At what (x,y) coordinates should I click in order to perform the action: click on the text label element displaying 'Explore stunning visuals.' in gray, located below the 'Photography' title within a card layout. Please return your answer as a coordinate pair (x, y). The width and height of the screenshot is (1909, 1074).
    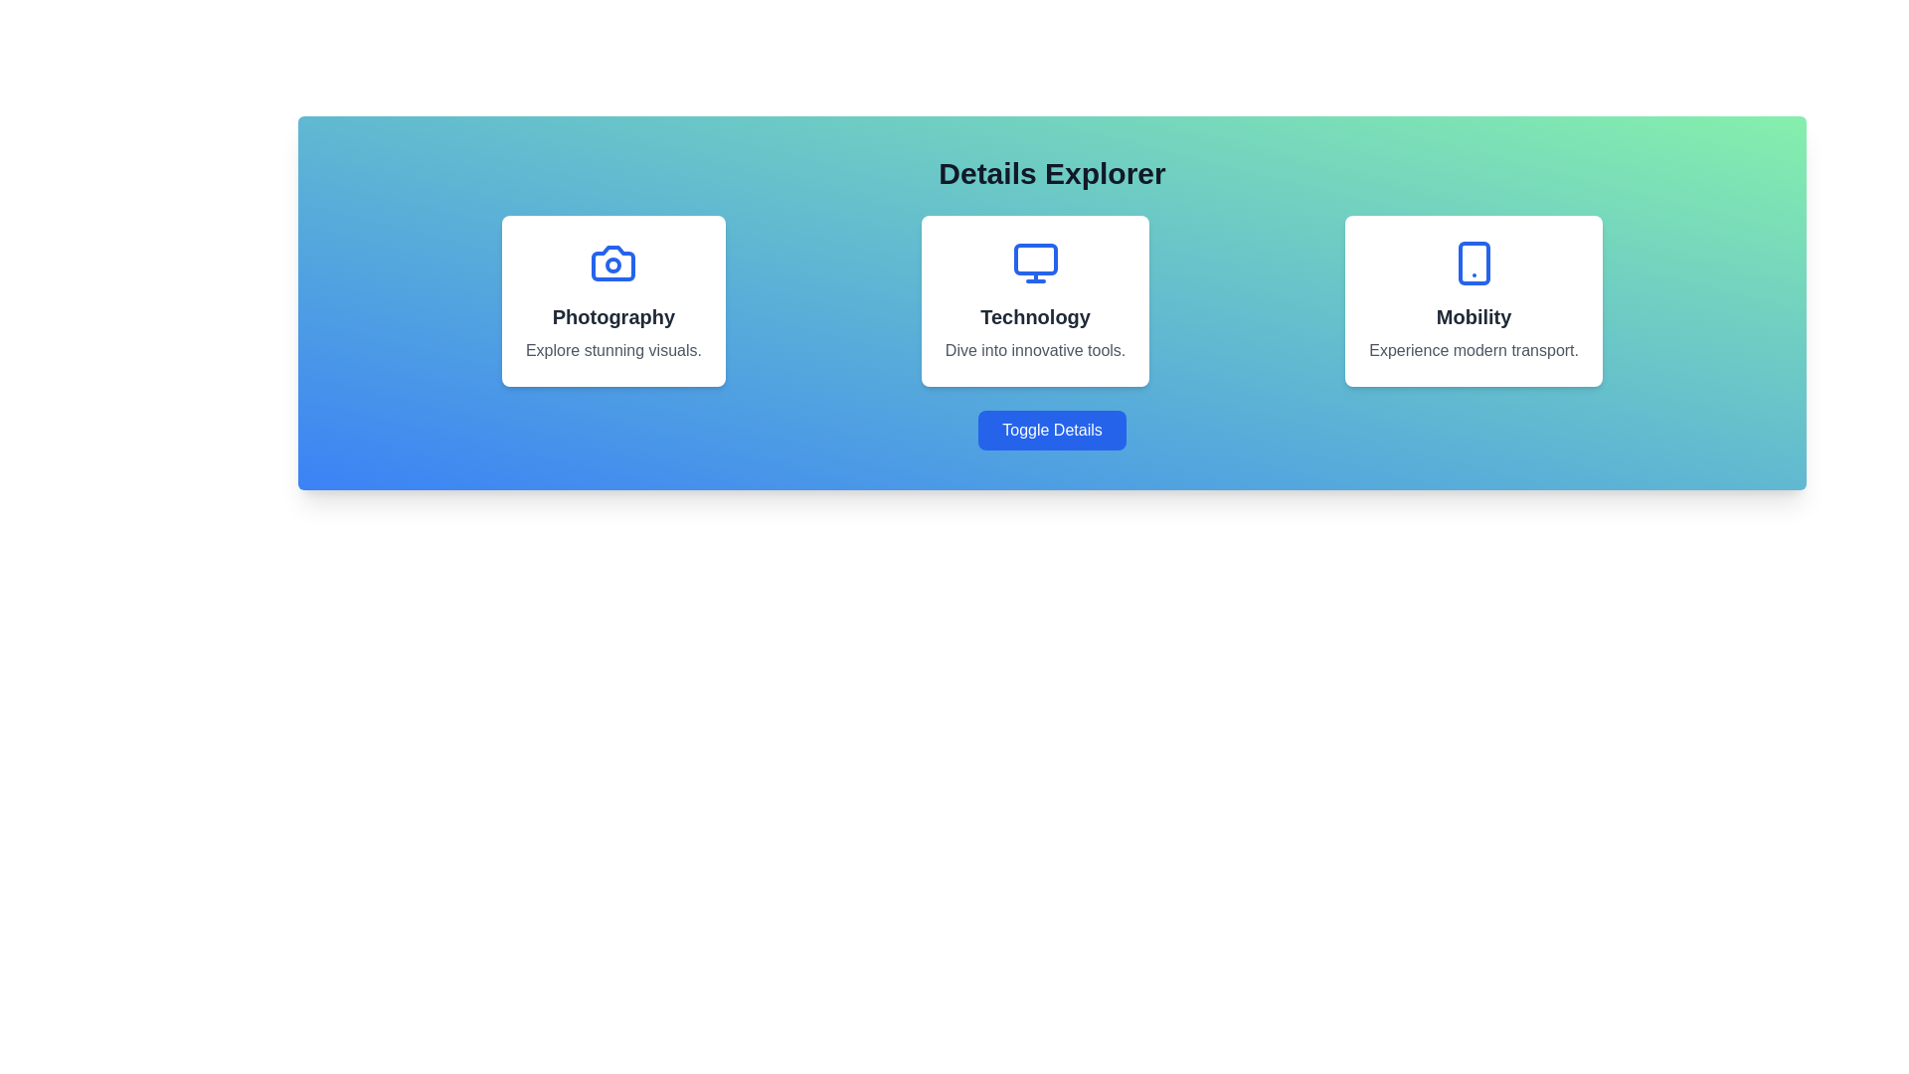
    Looking at the image, I should click on (612, 350).